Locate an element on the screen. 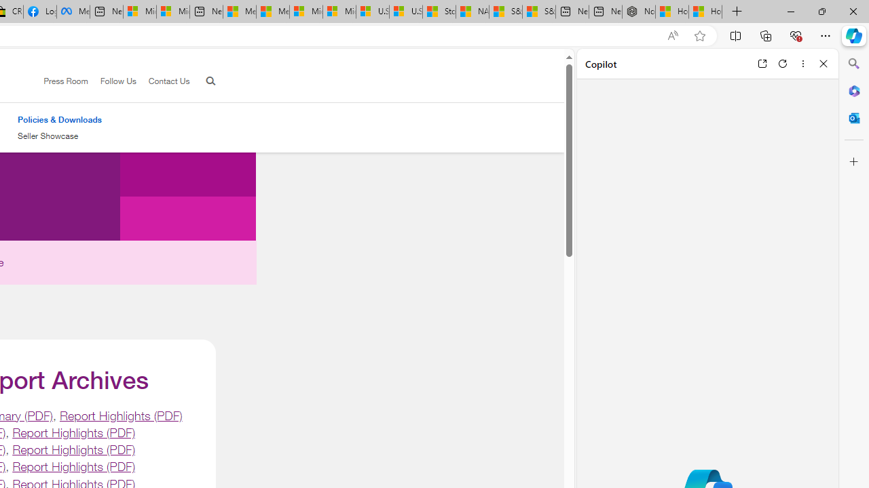  'S&P 500, Nasdaq end lower, weighed by Nvidia dip | Watch' is located at coordinates (538, 12).